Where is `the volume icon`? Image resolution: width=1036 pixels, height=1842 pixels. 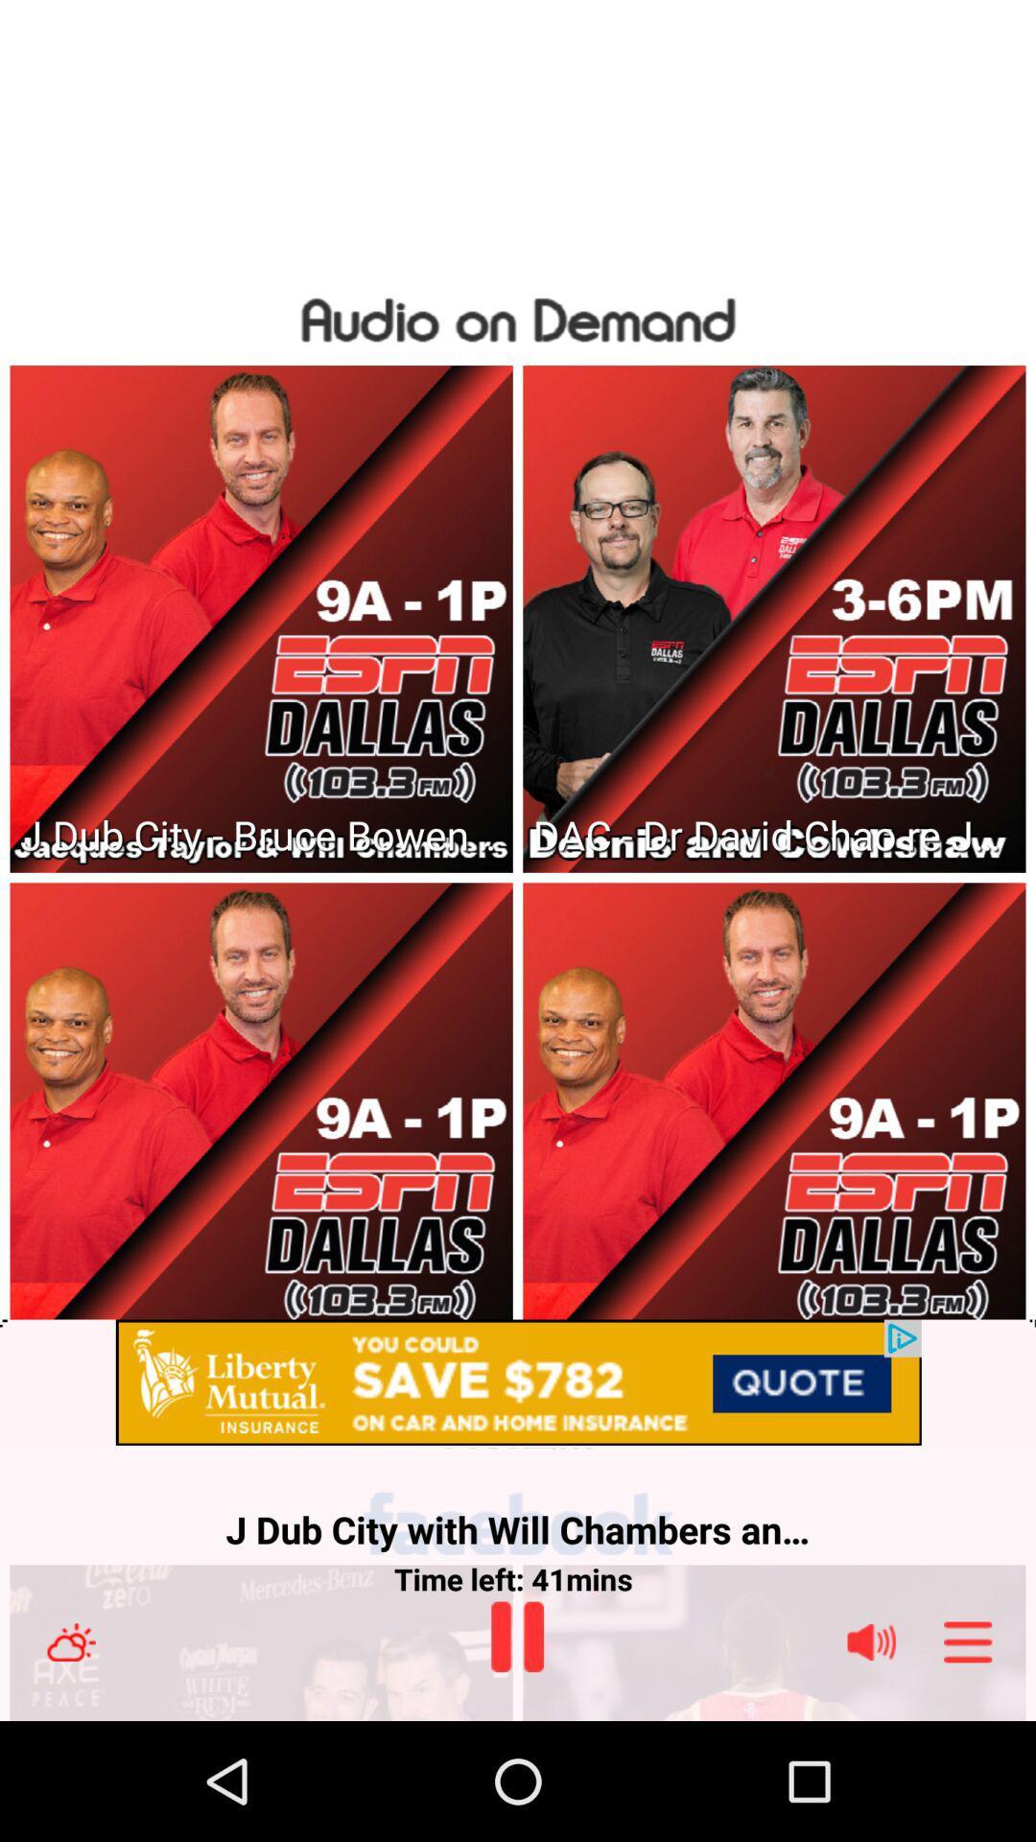 the volume icon is located at coordinates (871, 1758).